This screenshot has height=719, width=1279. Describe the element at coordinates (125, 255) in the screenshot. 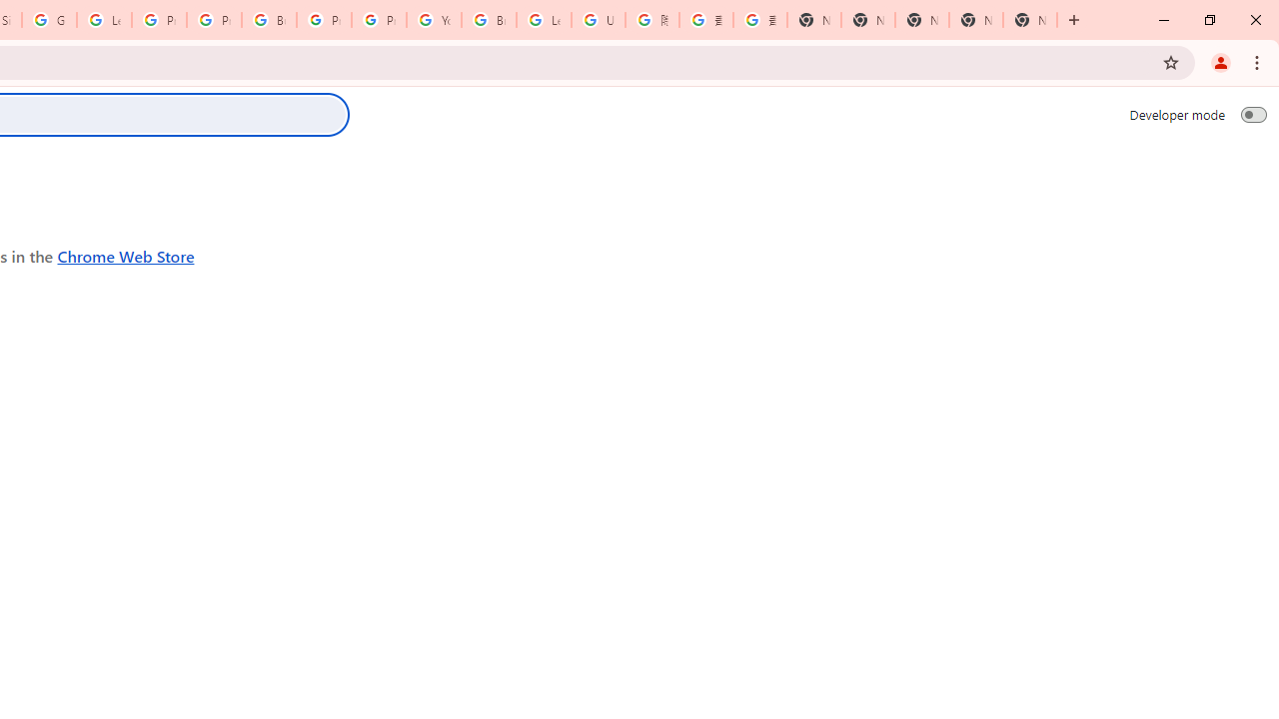

I see `'Chrome Web Store'` at that location.